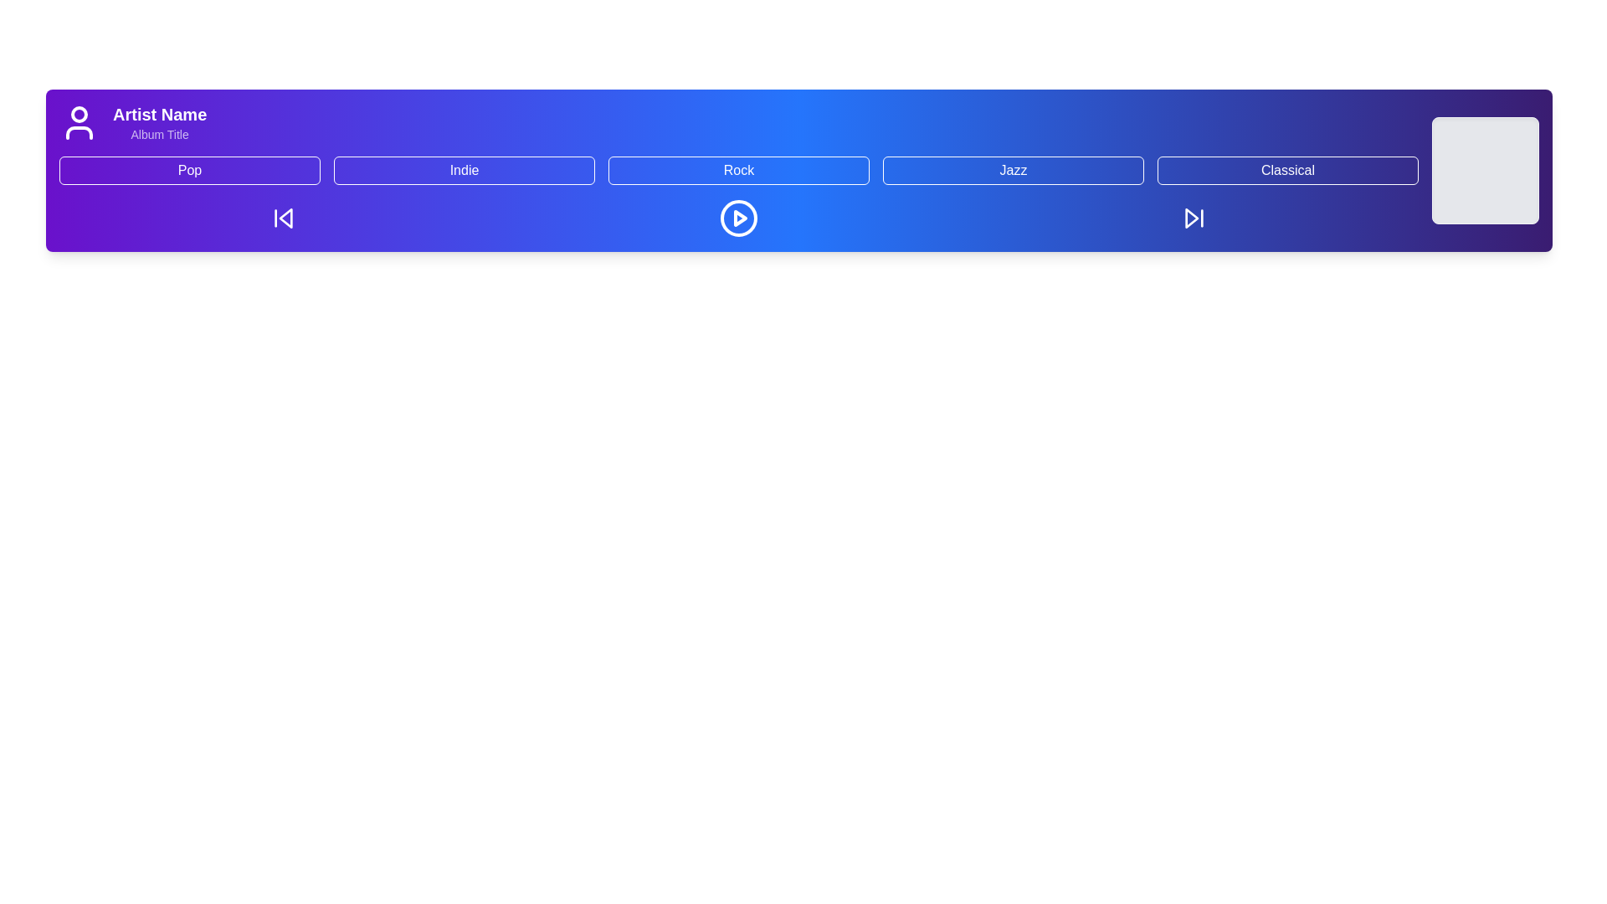 Image resolution: width=1607 pixels, height=904 pixels. What do you see at coordinates (1012, 171) in the screenshot?
I see `the rounded rectangular button labeled 'Jazz' with a gradient blue background` at bounding box center [1012, 171].